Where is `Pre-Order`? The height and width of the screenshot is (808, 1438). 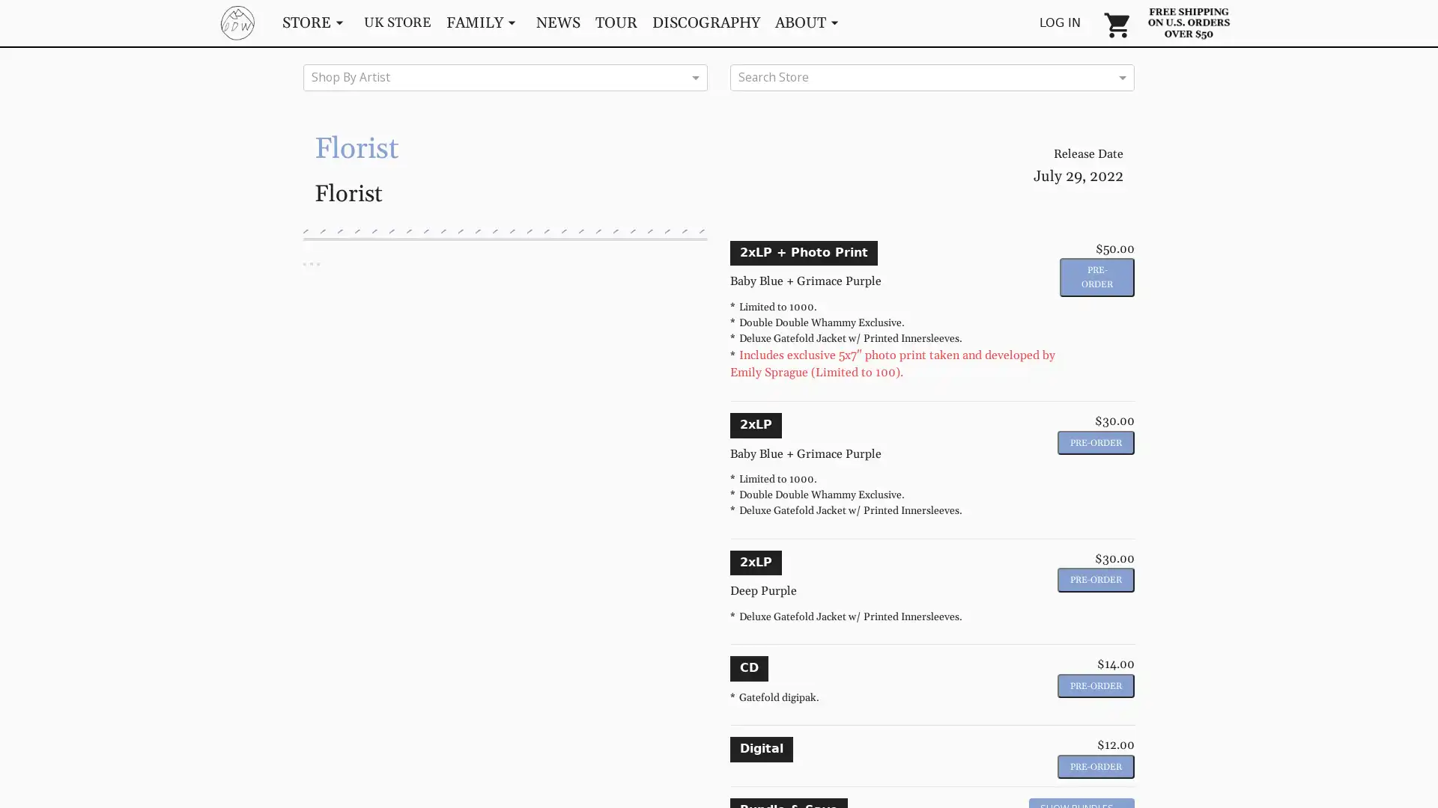
Pre-Order is located at coordinates (1096, 579).